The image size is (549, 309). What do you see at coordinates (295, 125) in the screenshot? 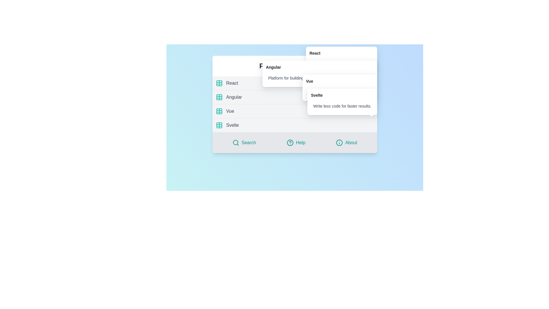
I see `the last interactive list item for 'Svelte'` at bounding box center [295, 125].